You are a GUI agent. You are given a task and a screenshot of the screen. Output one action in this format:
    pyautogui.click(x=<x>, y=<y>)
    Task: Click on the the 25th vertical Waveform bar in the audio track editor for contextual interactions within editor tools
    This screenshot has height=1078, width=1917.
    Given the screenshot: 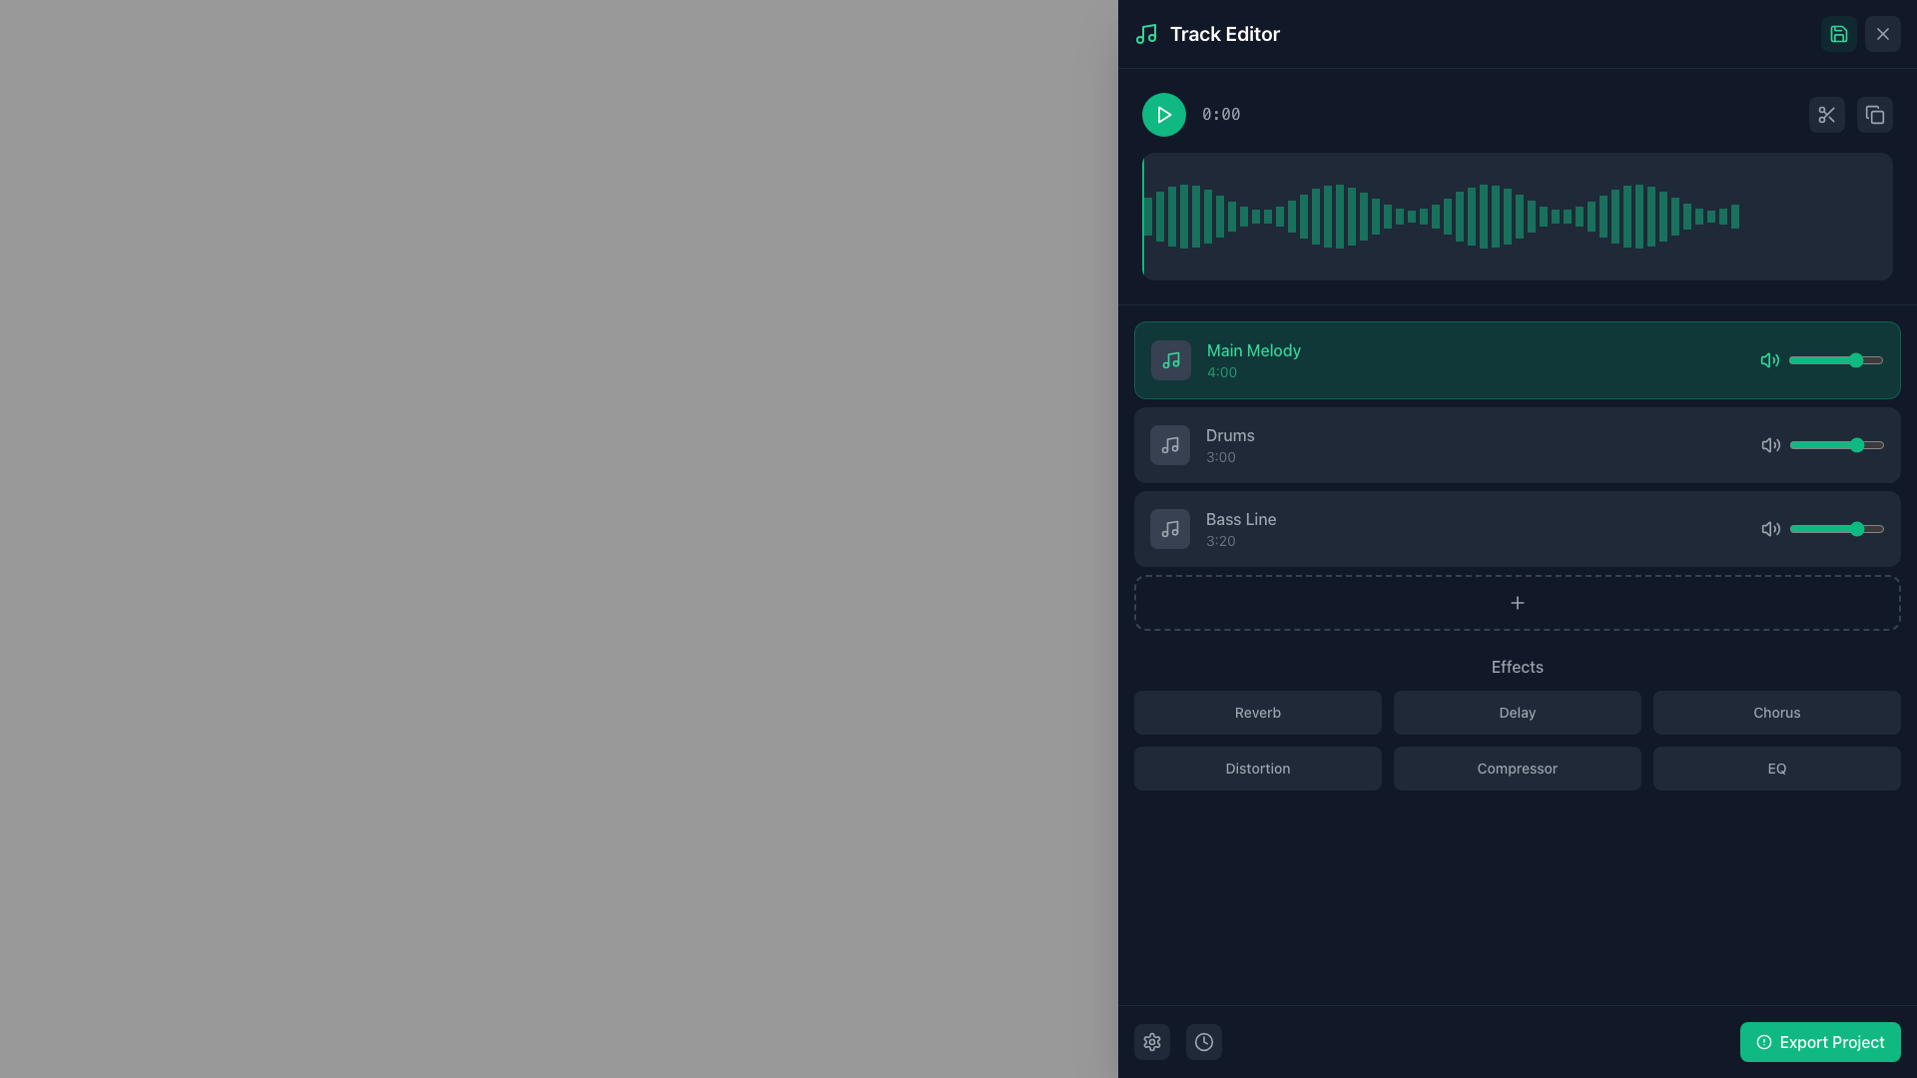 What is the action you would take?
    pyautogui.click(x=1422, y=216)
    